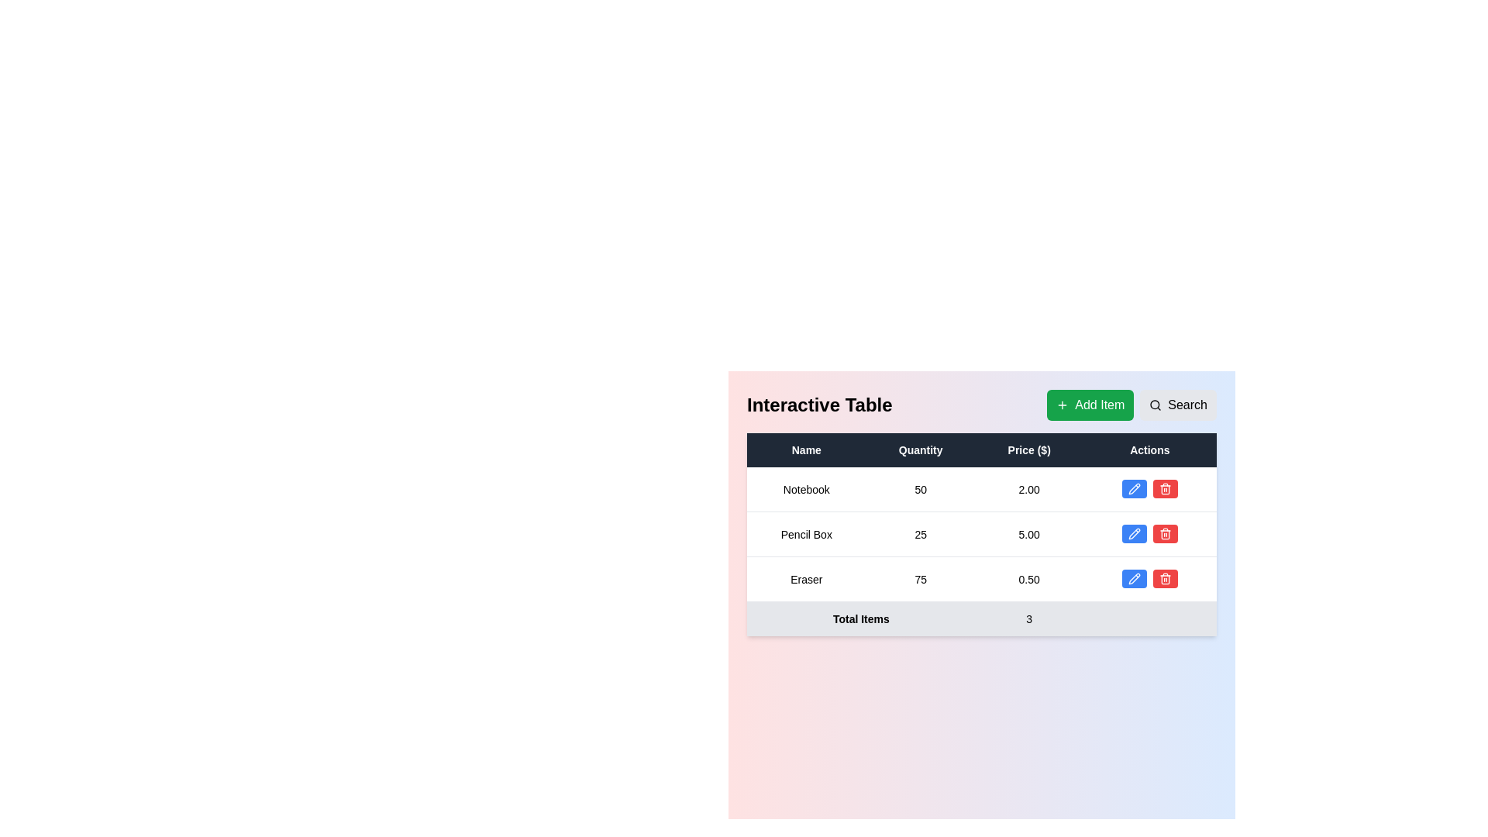  What do you see at coordinates (1134, 533) in the screenshot?
I see `the pencil icon button in the 'Actions' column of the second row of the 'Interactive Table'` at bounding box center [1134, 533].